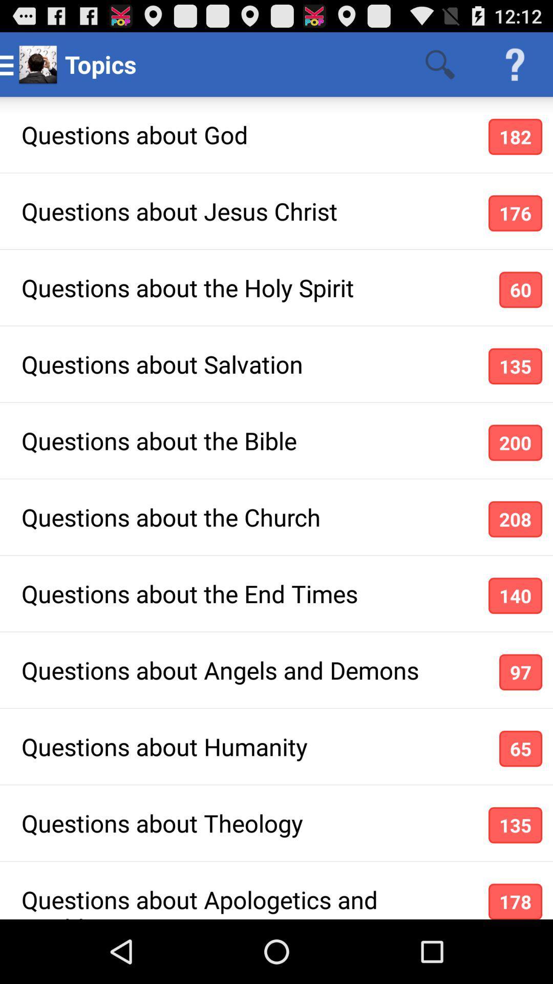 The height and width of the screenshot is (984, 553). What do you see at coordinates (515, 443) in the screenshot?
I see `200` at bounding box center [515, 443].